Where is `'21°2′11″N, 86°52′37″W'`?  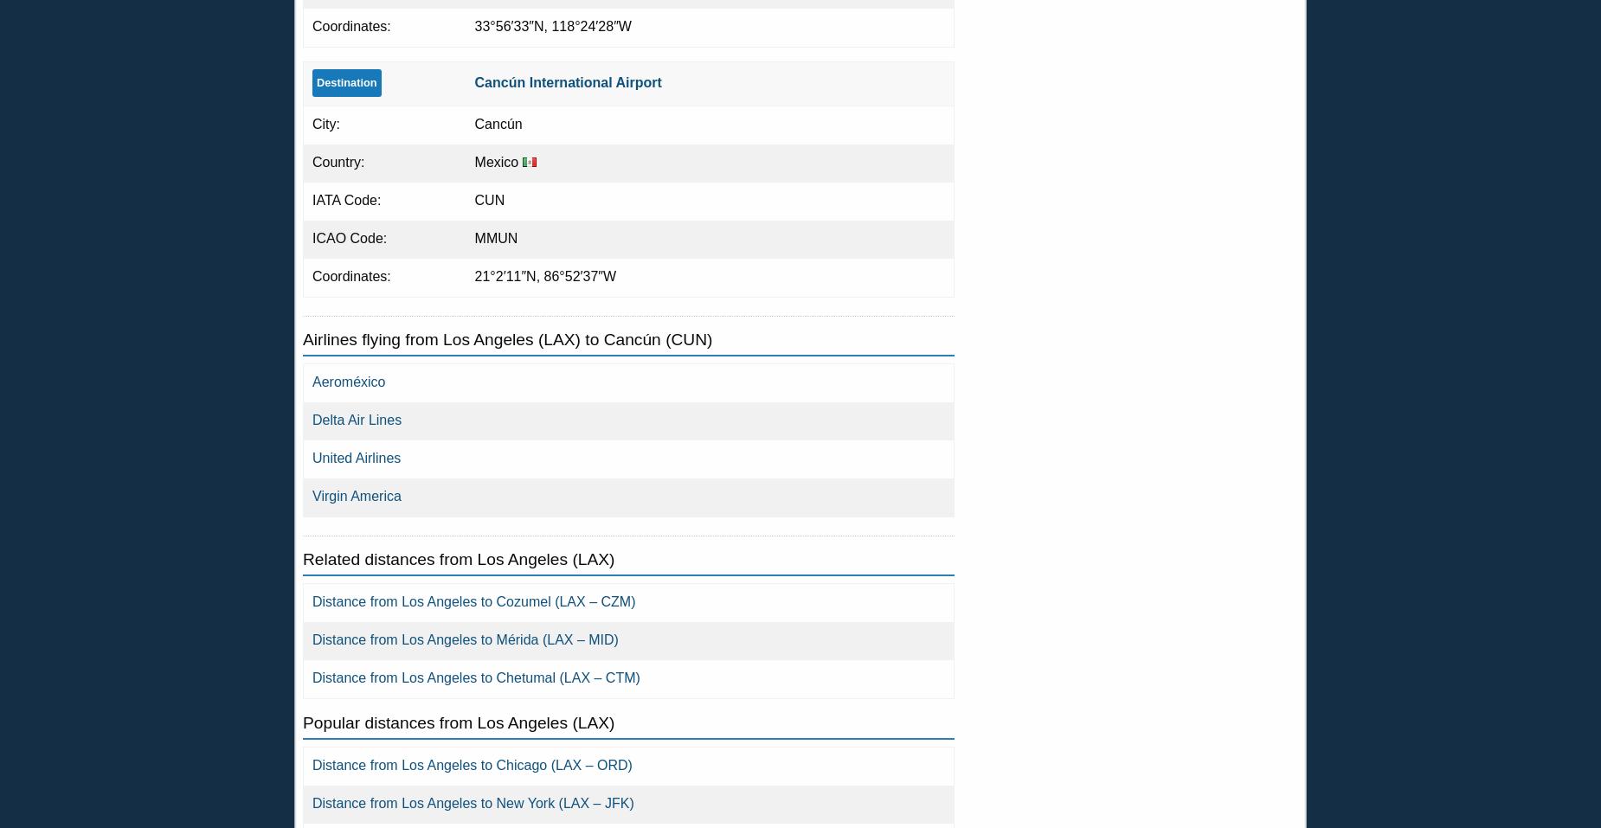
'21°2′11″N, 86°52′37″W' is located at coordinates (544, 275).